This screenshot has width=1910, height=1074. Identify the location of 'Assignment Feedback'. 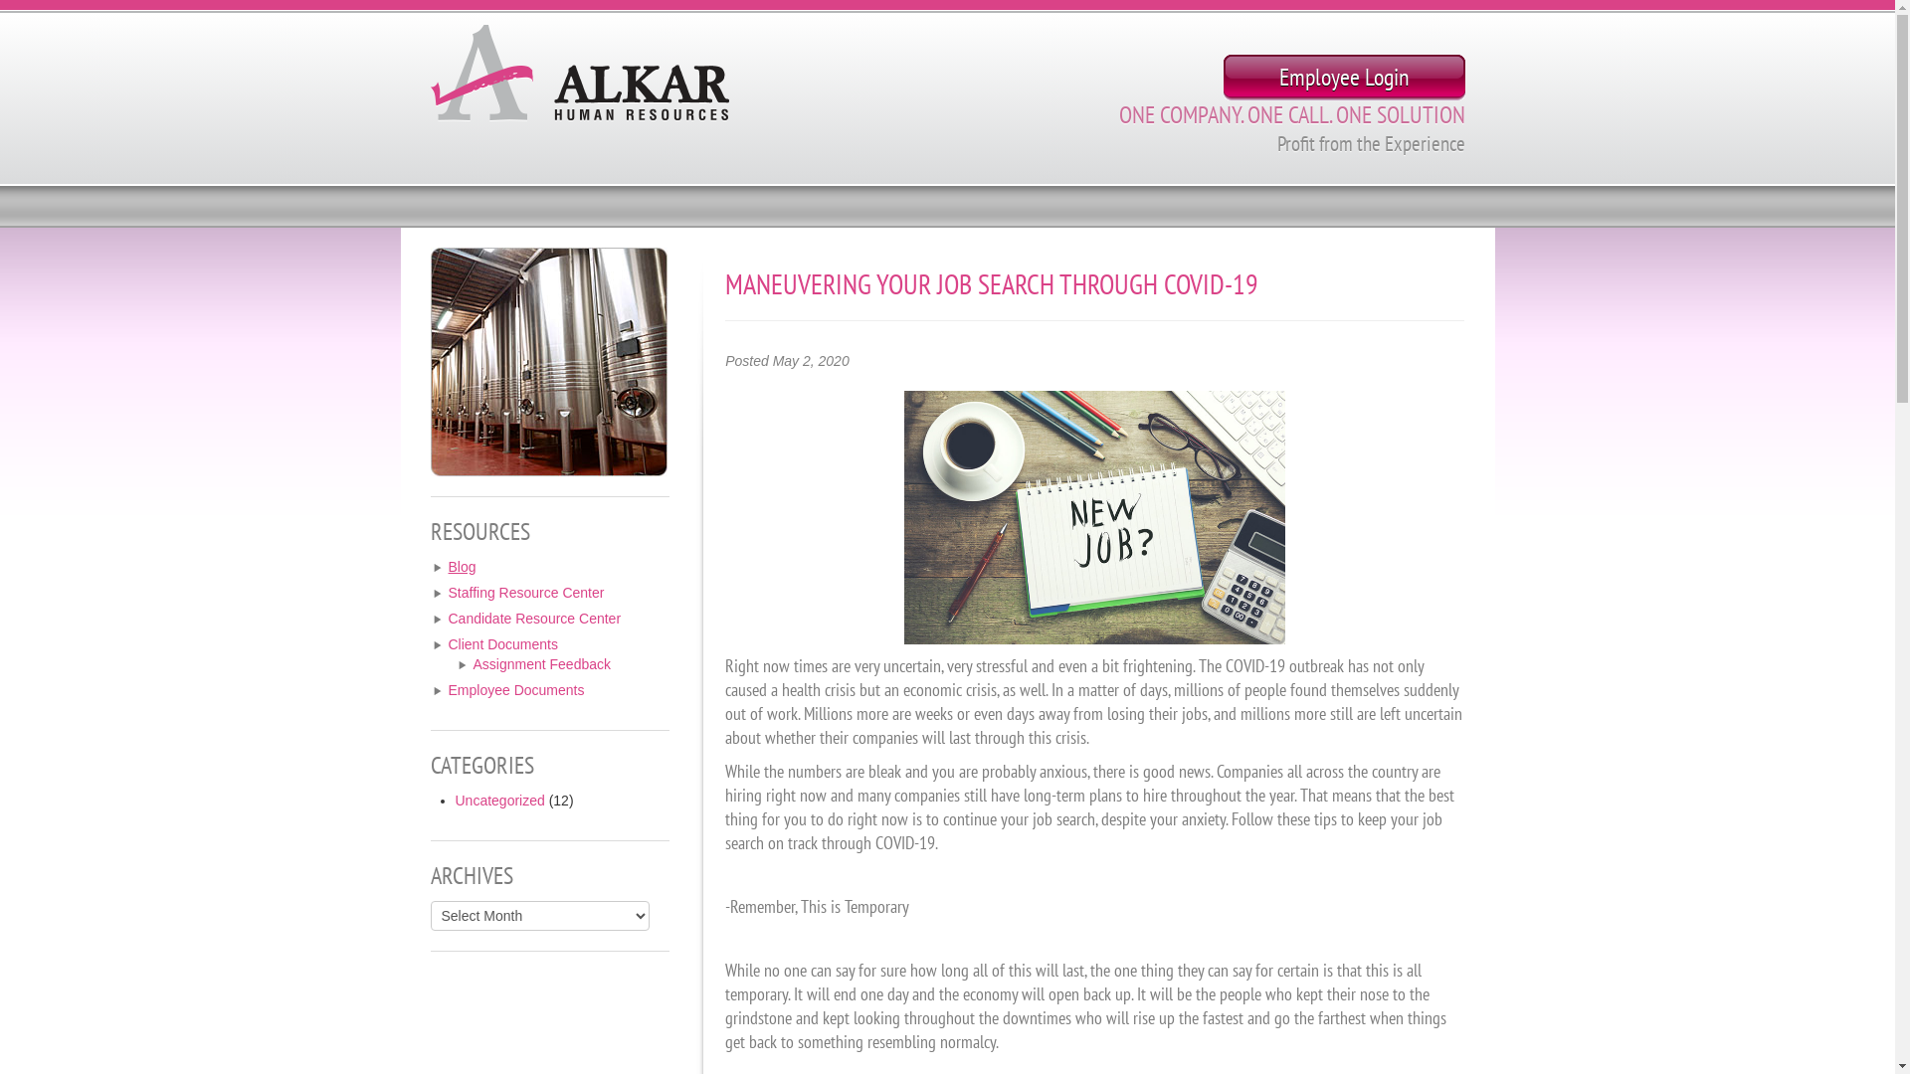
(542, 663).